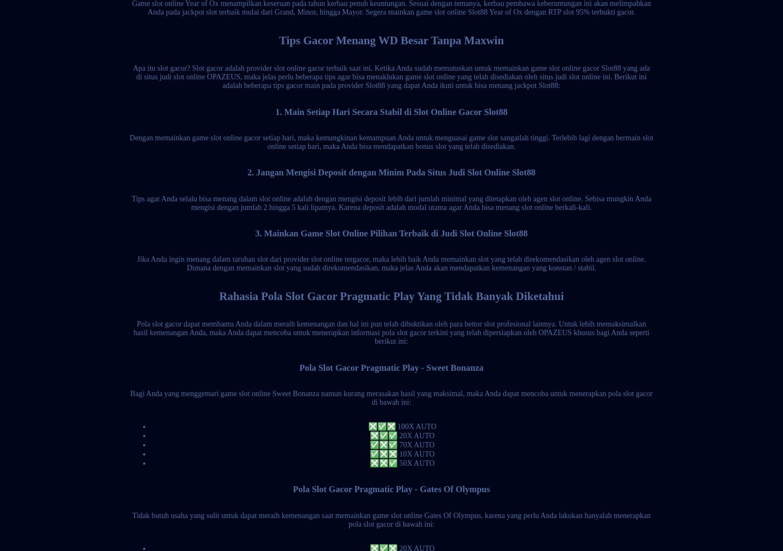 Image resolution: width=783 pixels, height=551 pixels. What do you see at coordinates (402, 453) in the screenshot?
I see `'✅❎❎ 10X AUTO'` at bounding box center [402, 453].